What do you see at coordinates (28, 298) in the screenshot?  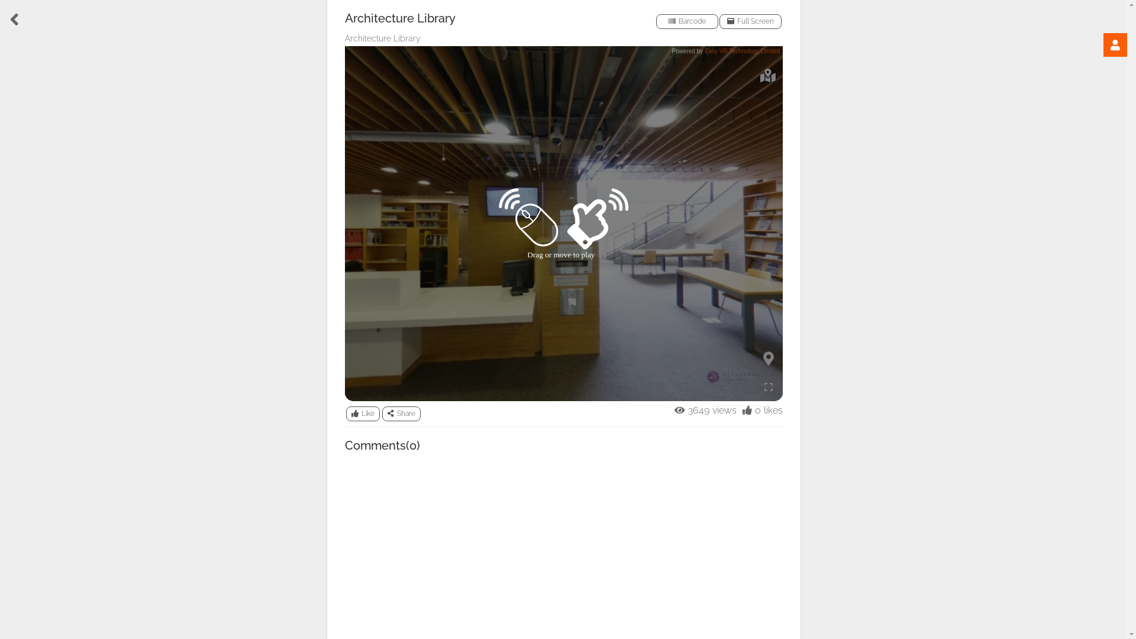 I see `'EDUCATION'` at bounding box center [28, 298].